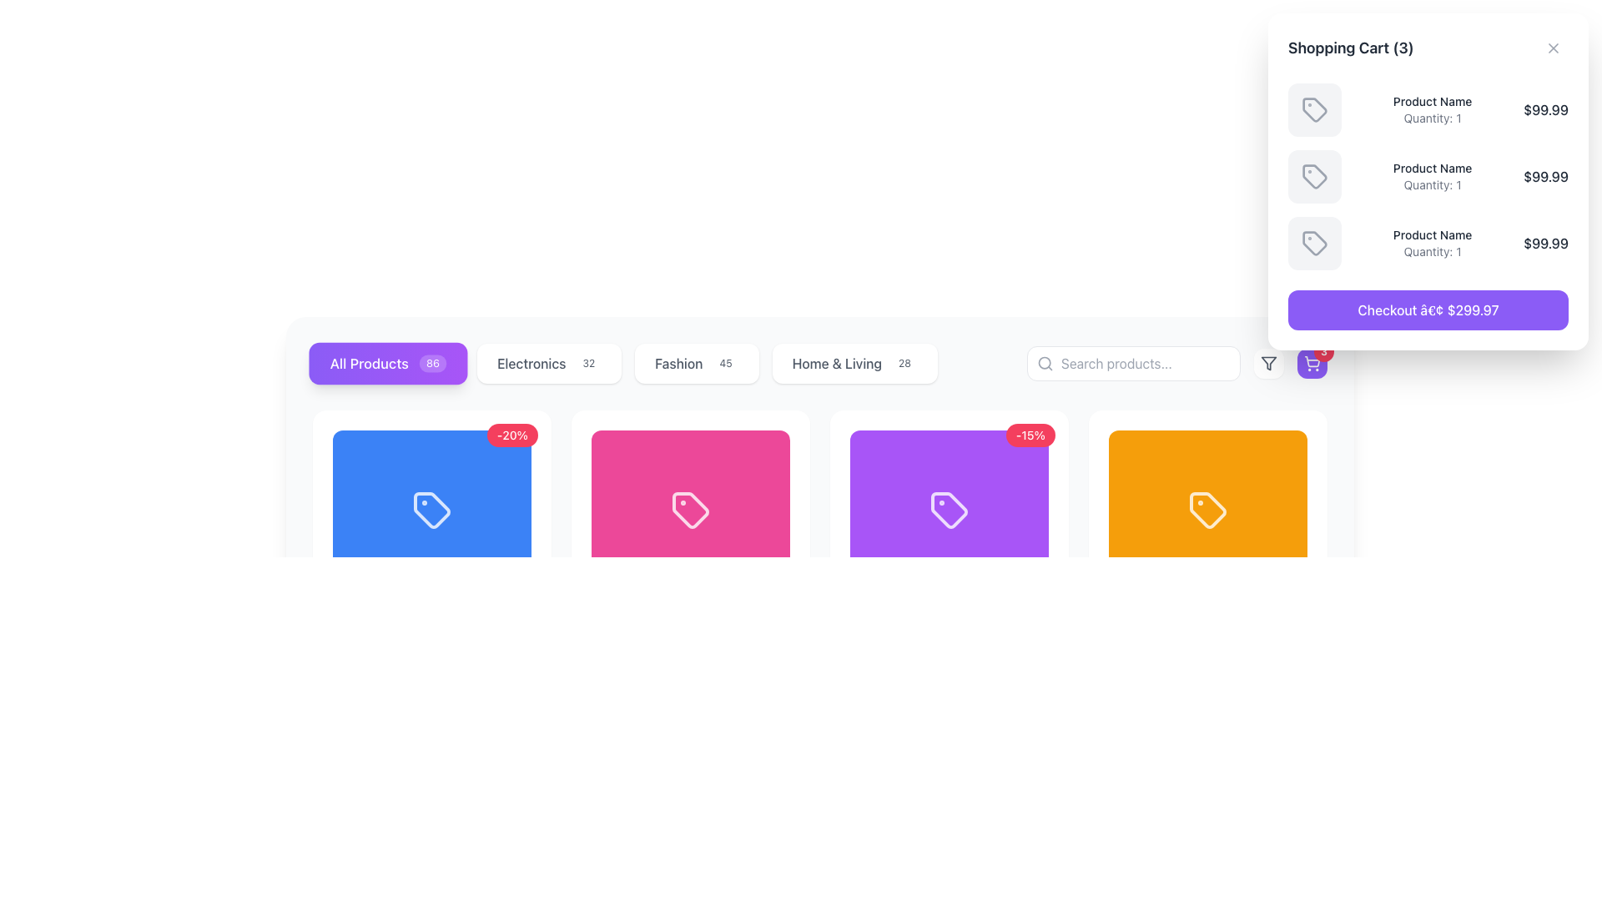 The image size is (1602, 901). What do you see at coordinates (1313, 244) in the screenshot?
I see `the product icon in the Shopping Cart section, which represents the third item in the cart list` at bounding box center [1313, 244].